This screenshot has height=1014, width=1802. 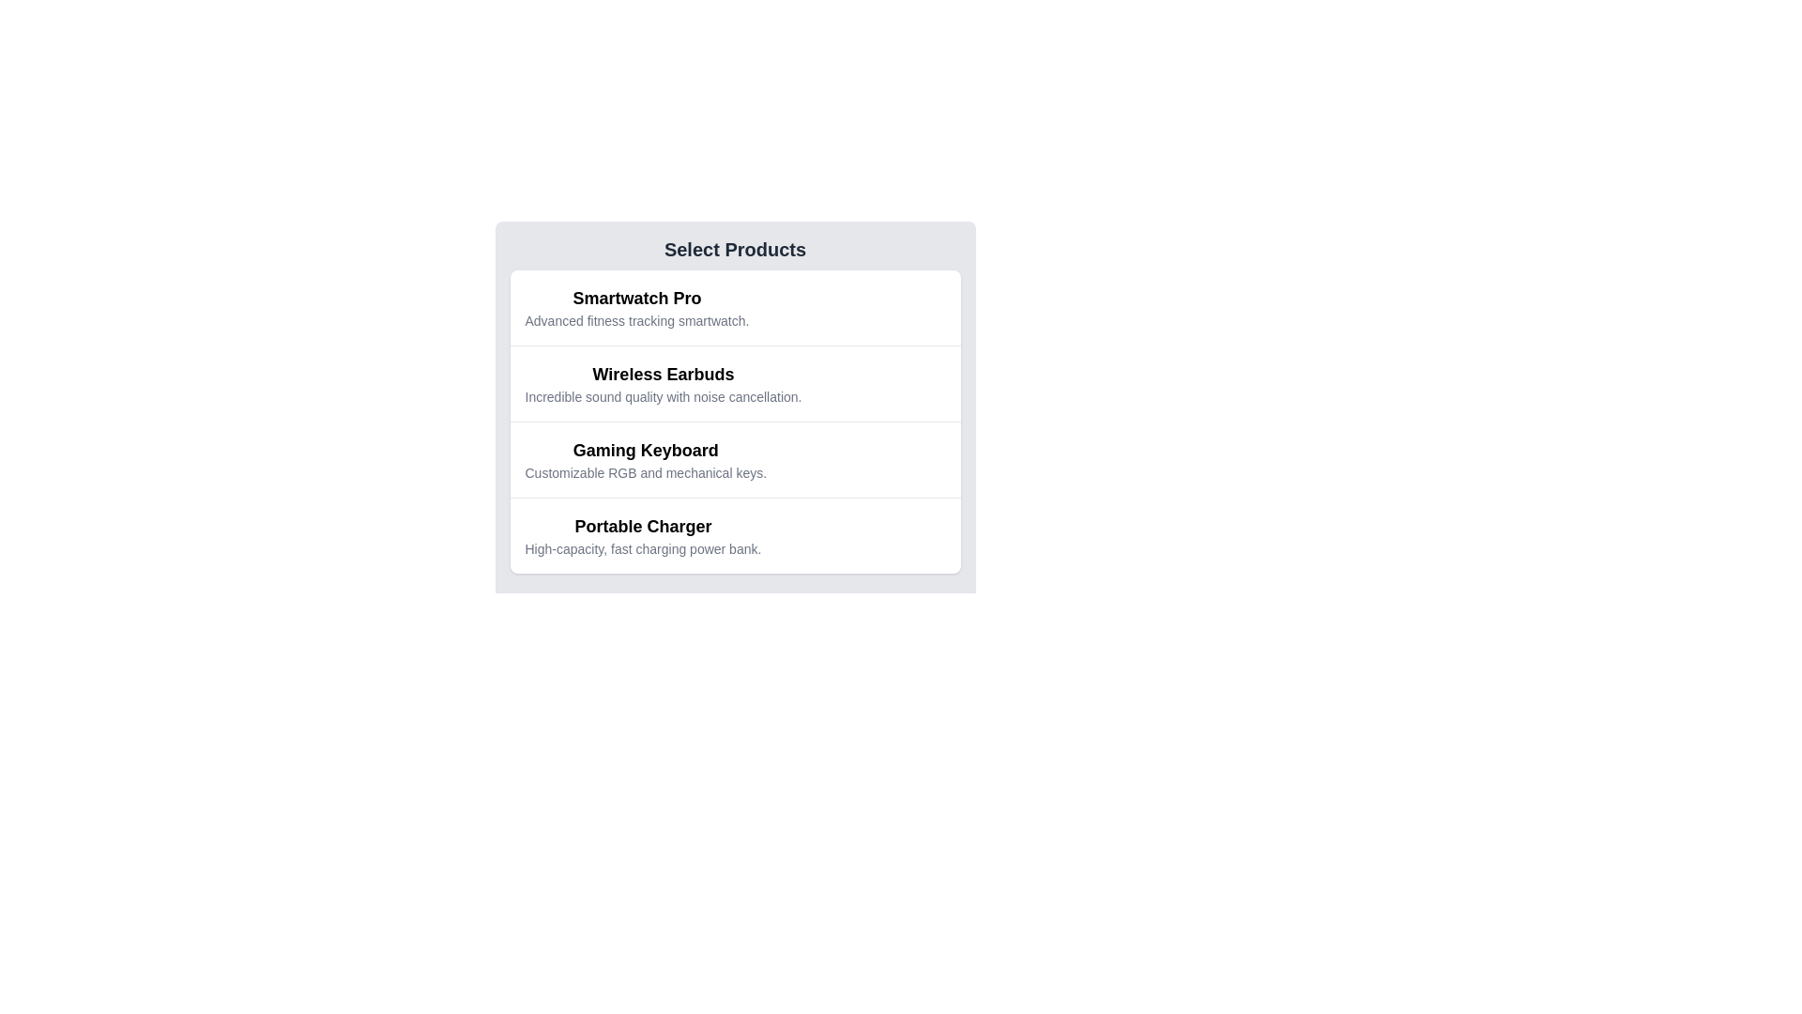 What do you see at coordinates (734, 535) in the screenshot?
I see `the list item displaying 'Portable Charger'` at bounding box center [734, 535].